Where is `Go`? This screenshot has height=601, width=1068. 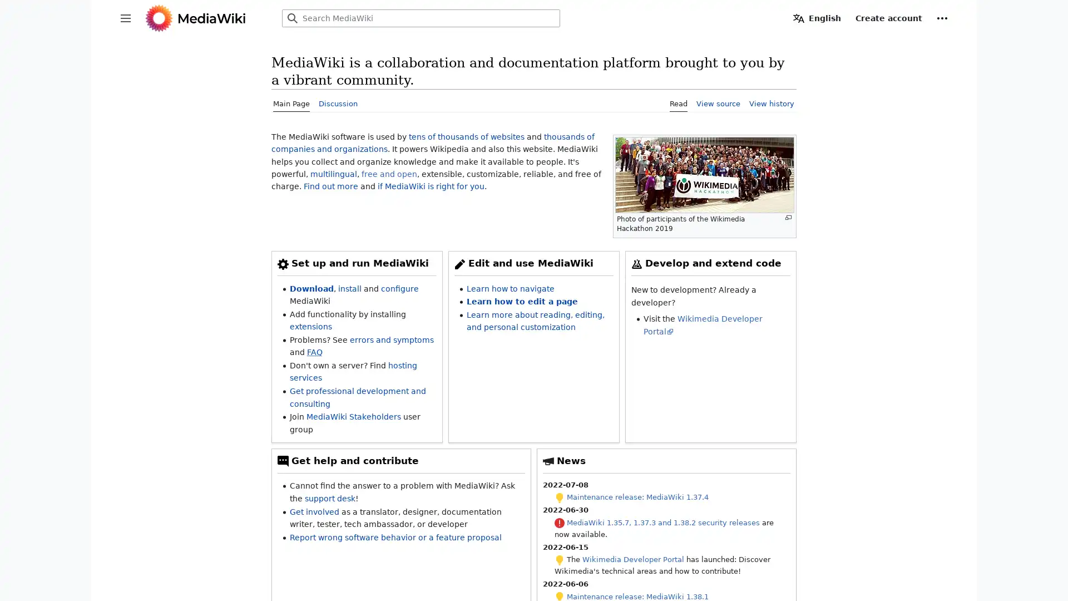
Go is located at coordinates (293, 18).